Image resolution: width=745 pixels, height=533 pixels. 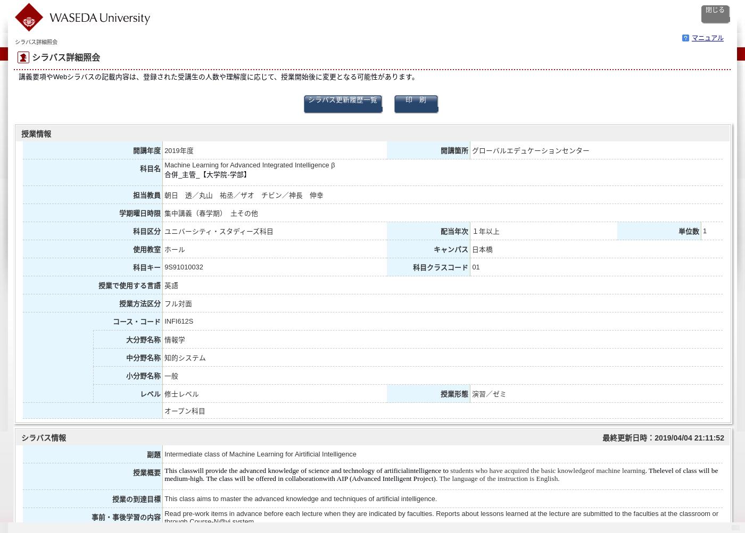 What do you see at coordinates (207, 174) in the screenshot?
I see `'合併_主管_【大学院-学部】'` at bounding box center [207, 174].